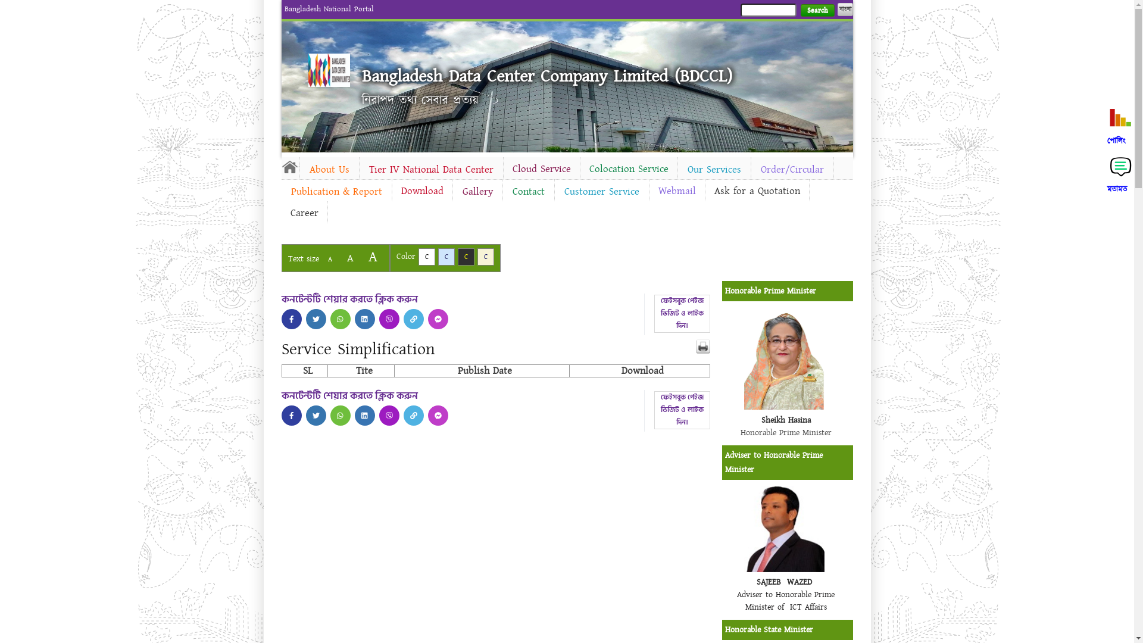  What do you see at coordinates (714, 170) in the screenshot?
I see `'Our Services'` at bounding box center [714, 170].